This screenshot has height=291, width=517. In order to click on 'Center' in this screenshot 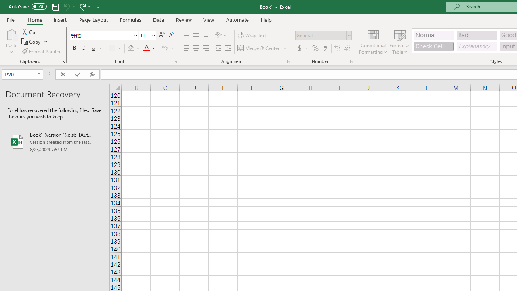, I will do `click(196, 48)`.